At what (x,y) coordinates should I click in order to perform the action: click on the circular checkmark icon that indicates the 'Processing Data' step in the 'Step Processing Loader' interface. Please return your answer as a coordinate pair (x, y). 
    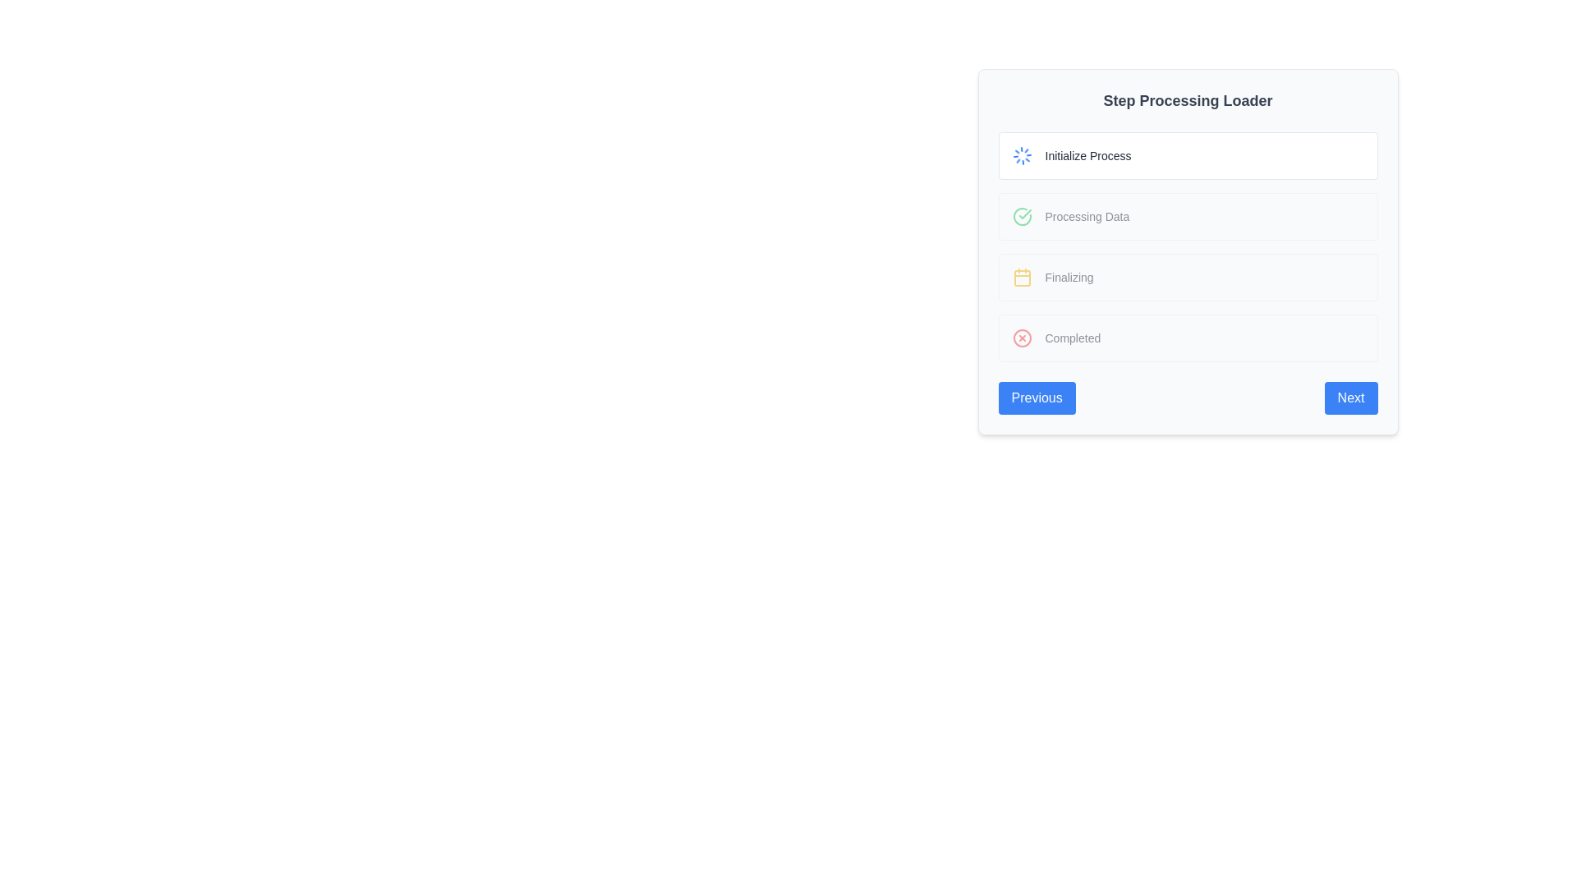
    Looking at the image, I should click on (1021, 215).